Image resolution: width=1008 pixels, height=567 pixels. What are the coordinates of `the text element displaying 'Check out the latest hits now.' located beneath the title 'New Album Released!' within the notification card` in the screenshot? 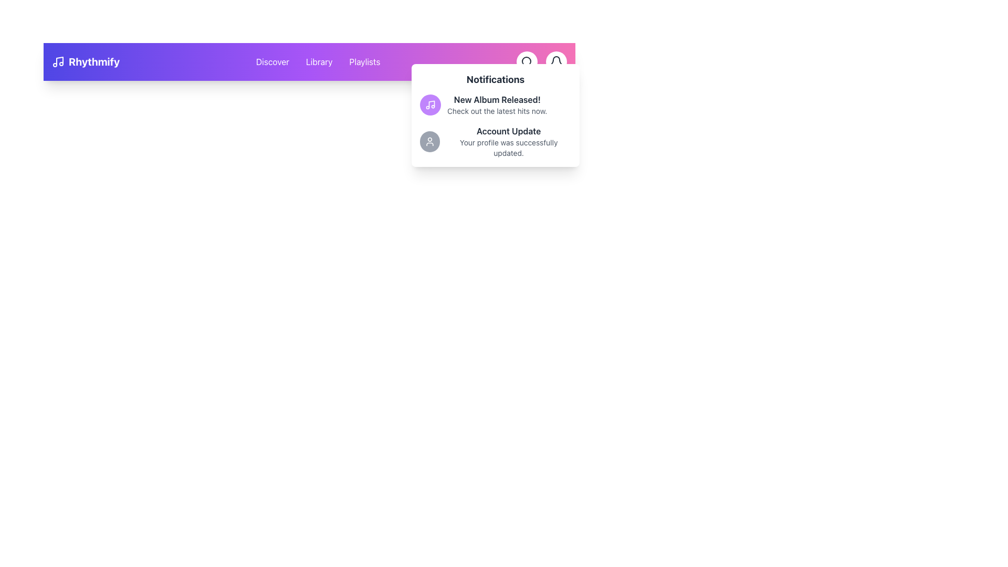 It's located at (497, 111).